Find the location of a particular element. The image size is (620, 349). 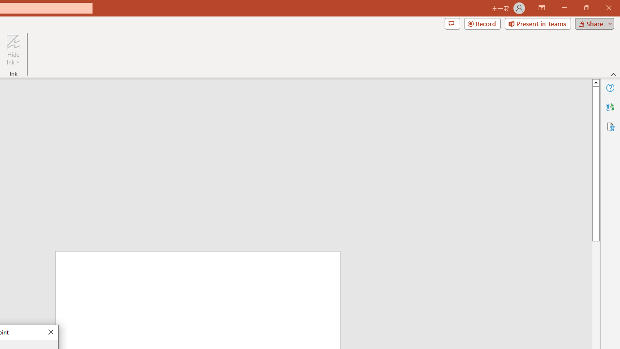

'Line up' is located at coordinates (595, 81).